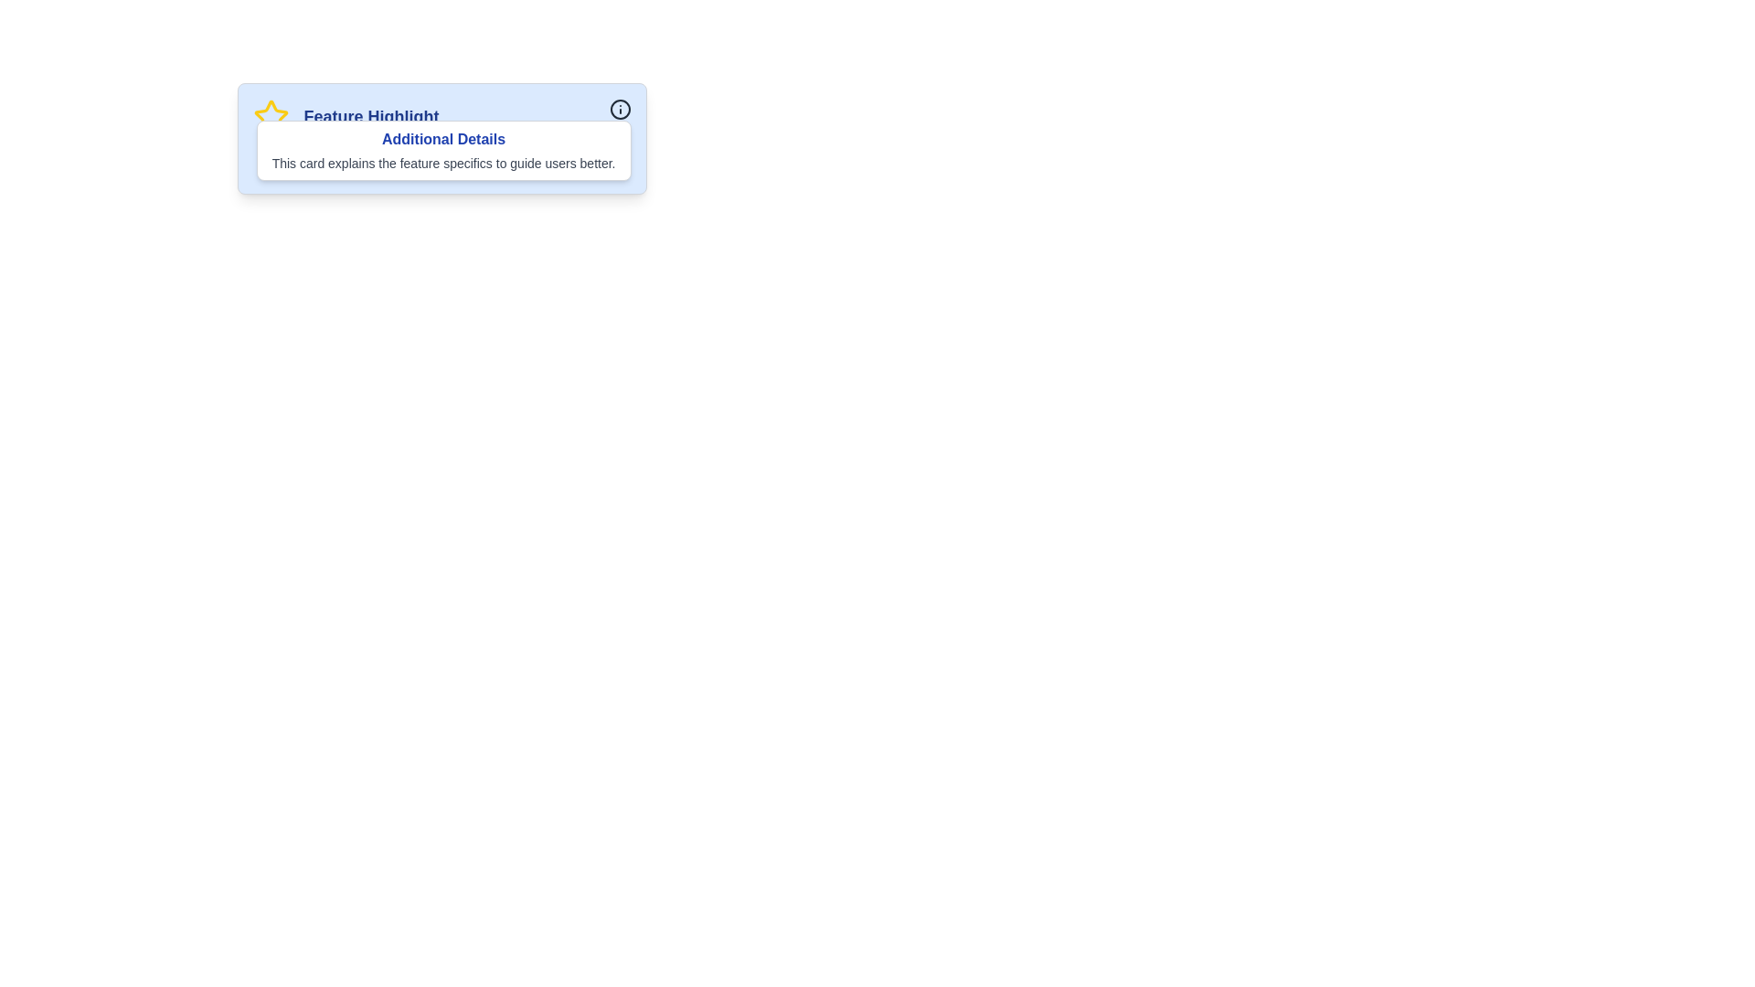  Describe the element at coordinates (270, 116) in the screenshot. I see `the star icon that highlights the 'Feature Highlight' section for navigation` at that location.